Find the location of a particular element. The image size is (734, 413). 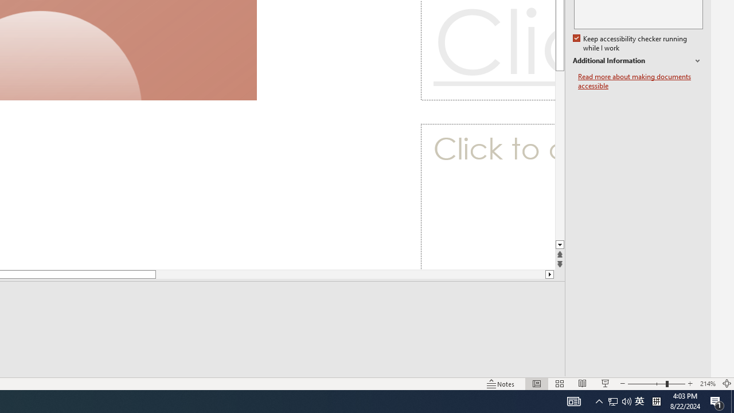

'Zoom 214%' is located at coordinates (707, 384).